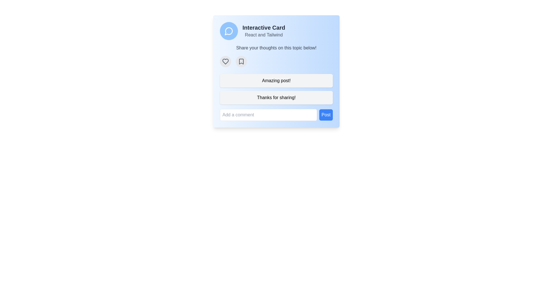  Describe the element at coordinates (326, 115) in the screenshot. I see `the button located at the bottom-right corner of the comment input section` at that location.